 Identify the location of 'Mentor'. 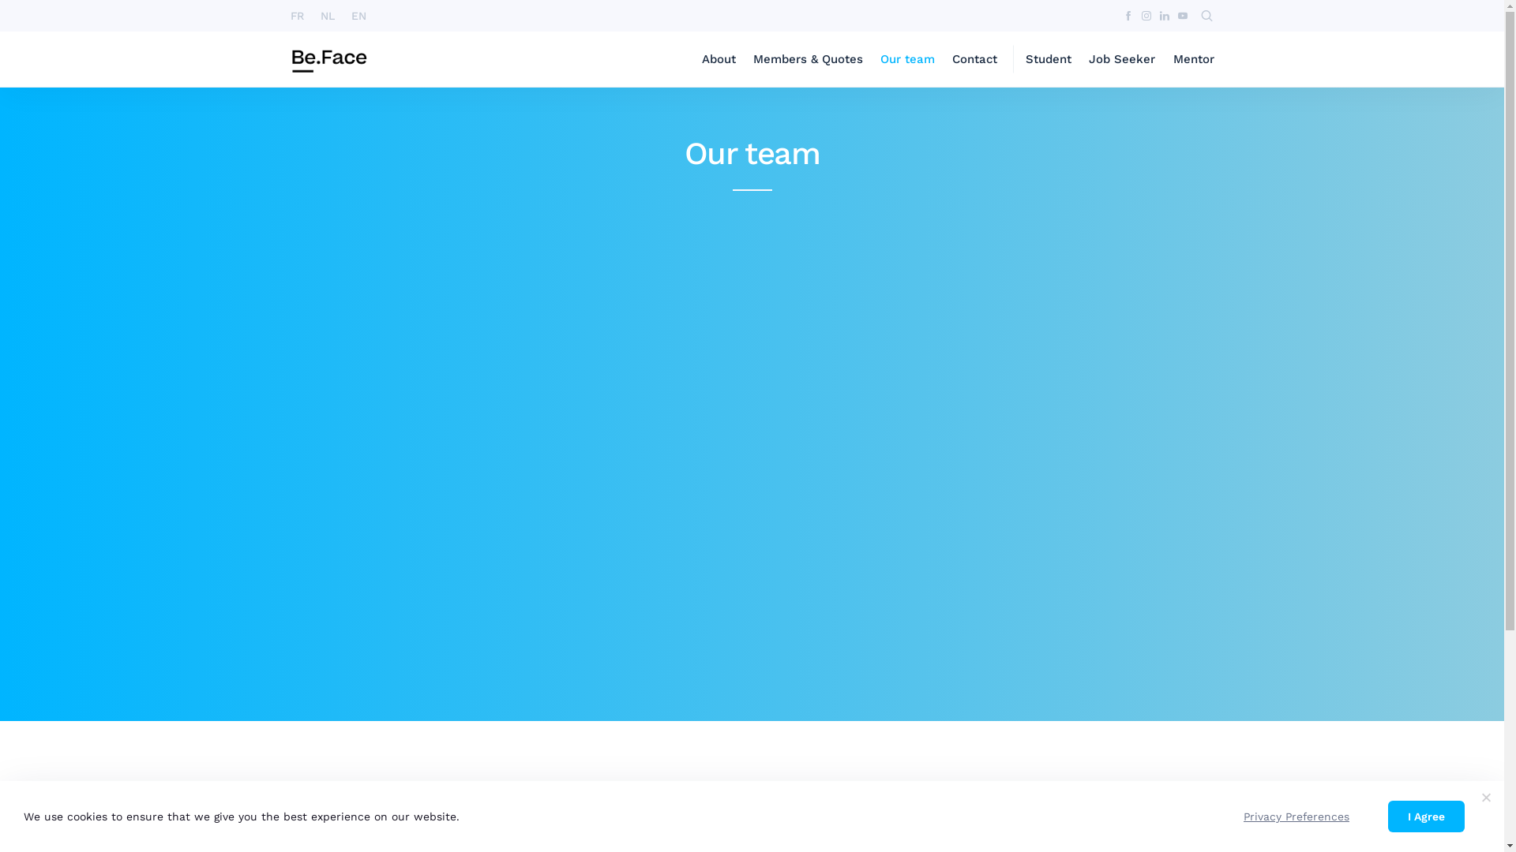
(1194, 58).